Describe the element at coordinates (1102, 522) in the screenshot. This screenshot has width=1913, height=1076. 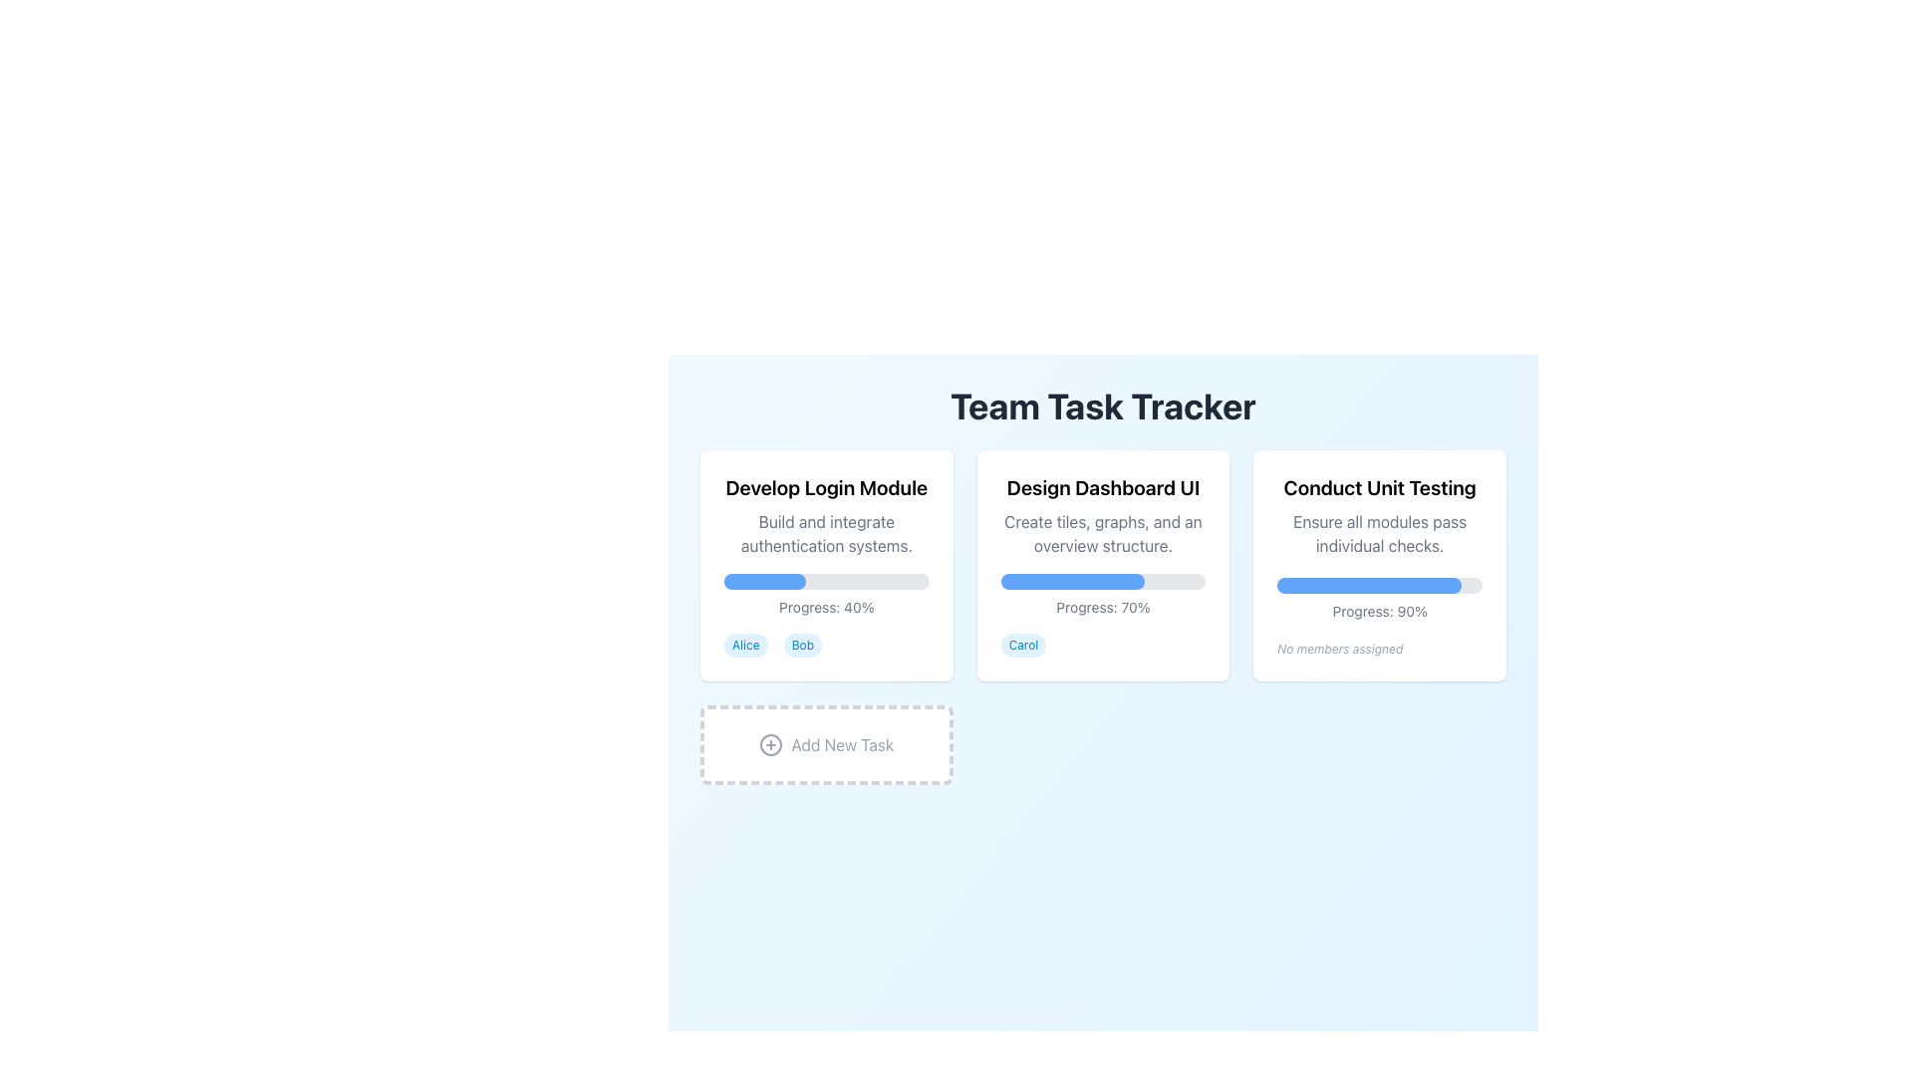
I see `the Text block located within the white card in the middle column, below the main heading, which provides the title and a brief summary related to designing a dashboard UI` at that location.